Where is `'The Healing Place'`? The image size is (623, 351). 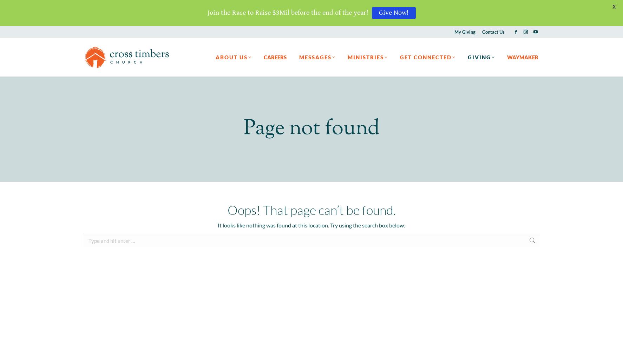 'The Healing Place' is located at coordinates (369, 132).